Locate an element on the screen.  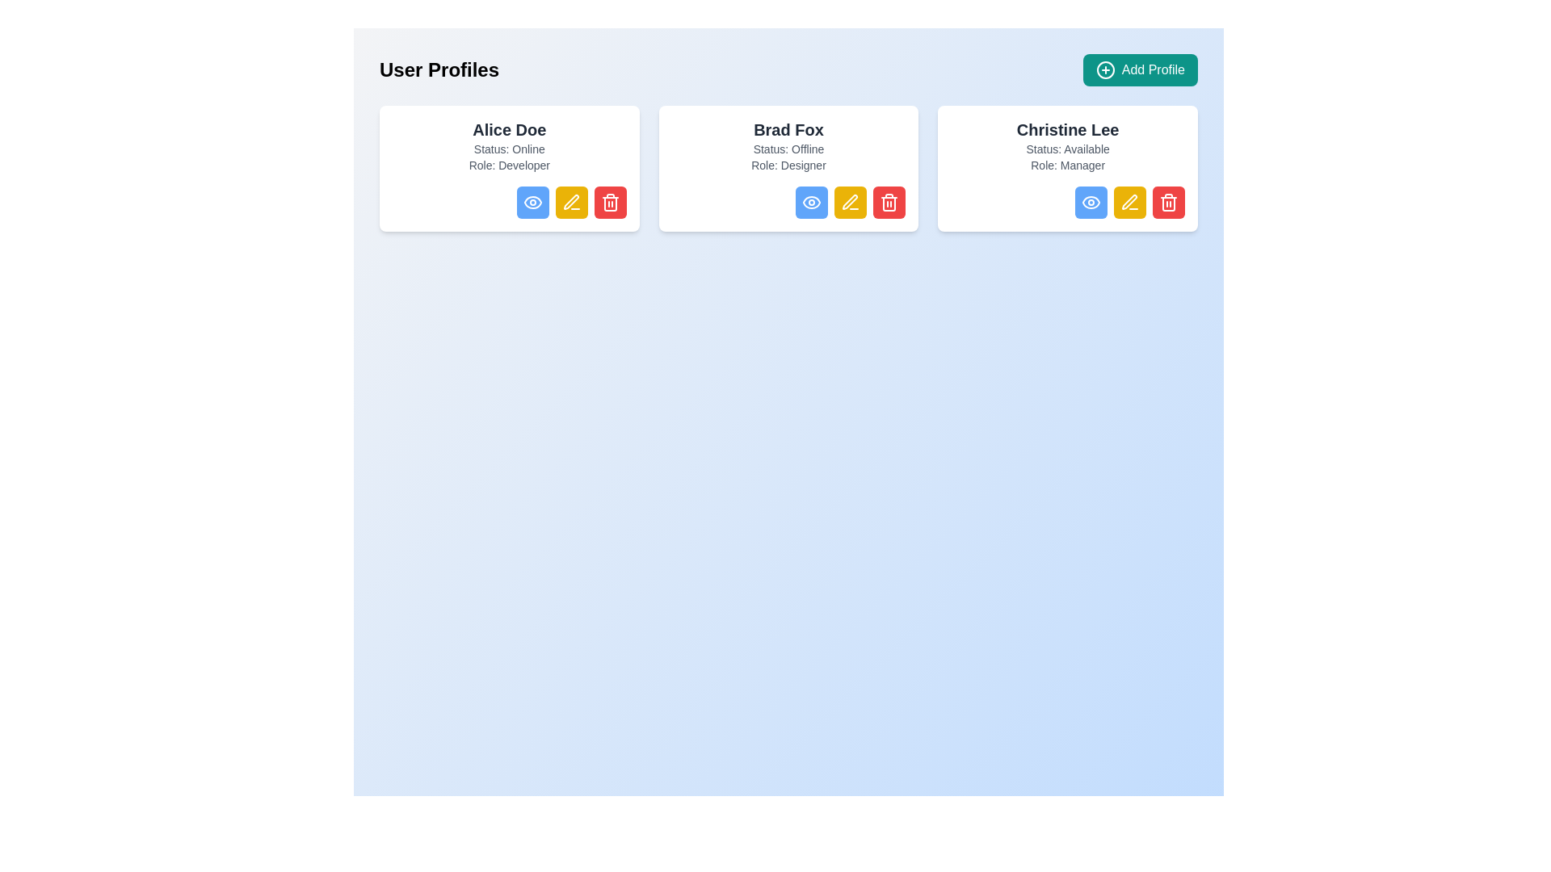
the 'User Profiles' text label, which is styled in bold black font and serves as a title within the header of the application is located at coordinates (439, 69).